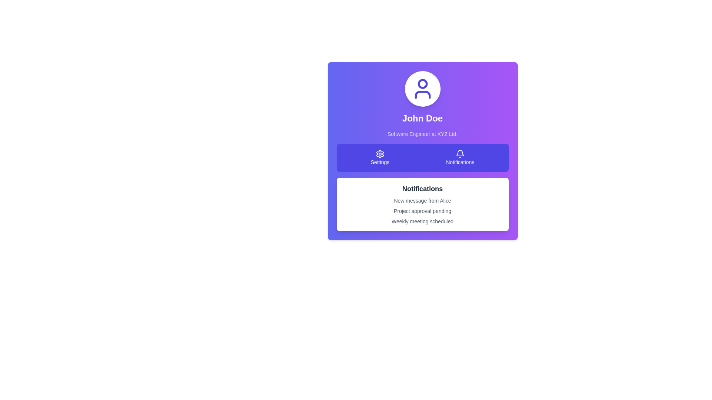  Describe the element at coordinates (422, 134) in the screenshot. I see `the second text element in the profile card that provides additional information about the user's professional role, located below the name 'John Doe'` at that location.